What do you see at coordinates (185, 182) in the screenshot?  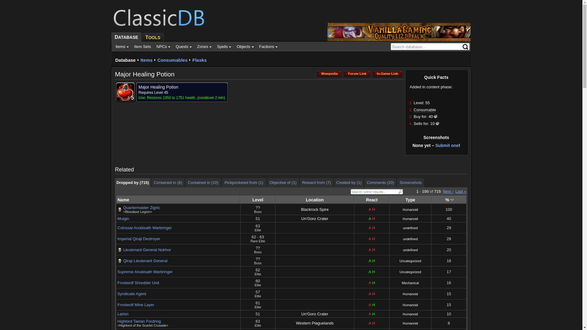 I see `'Contained in (10)'` at bounding box center [185, 182].